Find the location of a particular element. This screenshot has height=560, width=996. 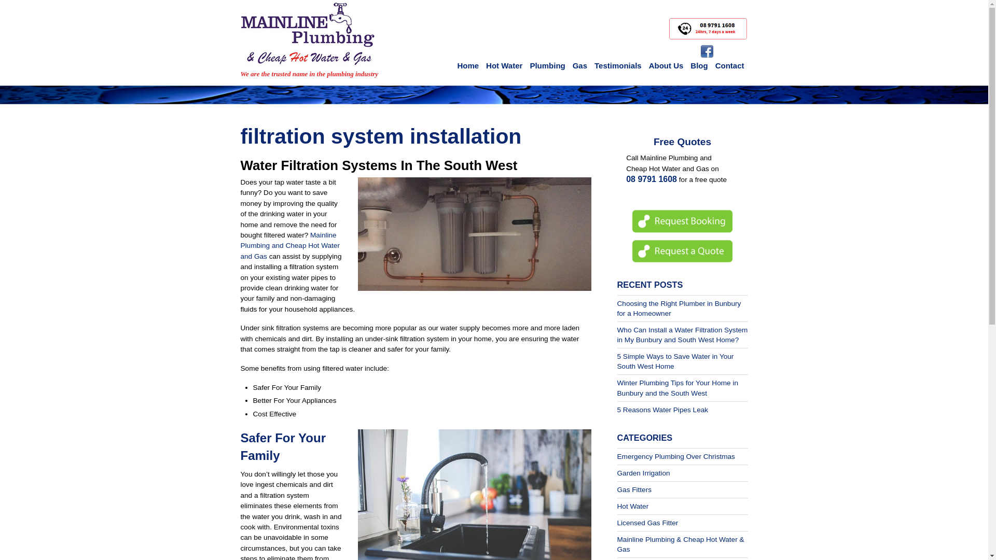

'Mainline Plumbing' is located at coordinates (307, 52).